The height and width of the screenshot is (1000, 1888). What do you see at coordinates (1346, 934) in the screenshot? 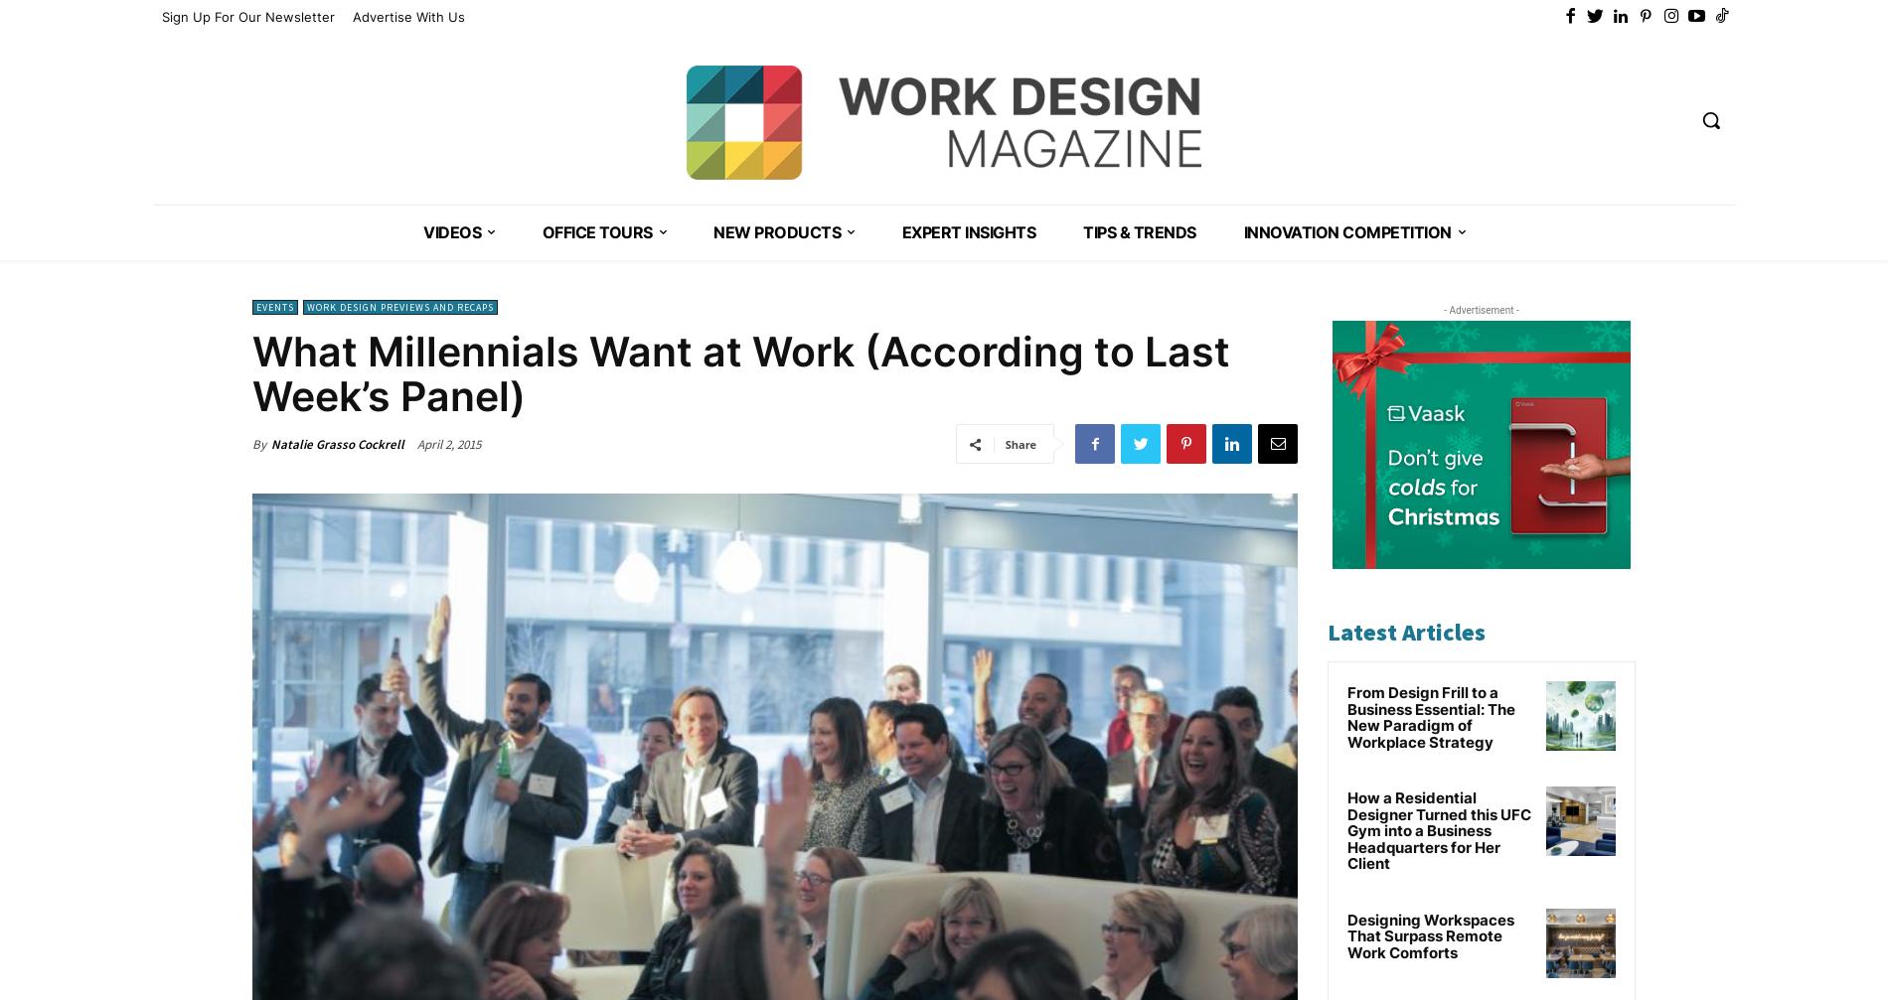
I see `'Designing Workspaces That Surpass Remote Work Comforts'` at bounding box center [1346, 934].